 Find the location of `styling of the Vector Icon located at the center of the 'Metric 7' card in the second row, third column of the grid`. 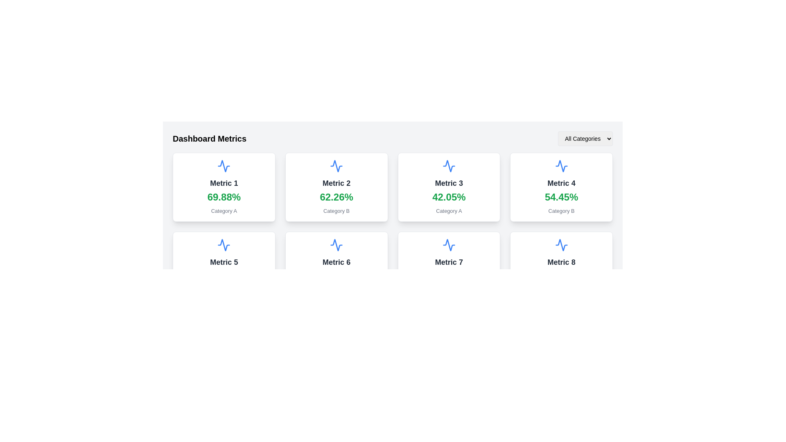

styling of the Vector Icon located at the center of the 'Metric 7' card in the second row, third column of the grid is located at coordinates (448, 245).